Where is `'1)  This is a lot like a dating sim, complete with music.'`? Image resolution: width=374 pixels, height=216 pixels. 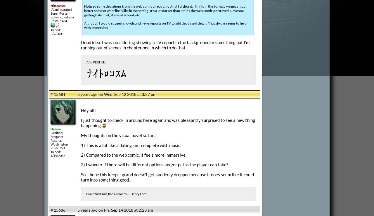
'1)  This is a lot like a dating sim, complete with music.' is located at coordinates (131, 145).